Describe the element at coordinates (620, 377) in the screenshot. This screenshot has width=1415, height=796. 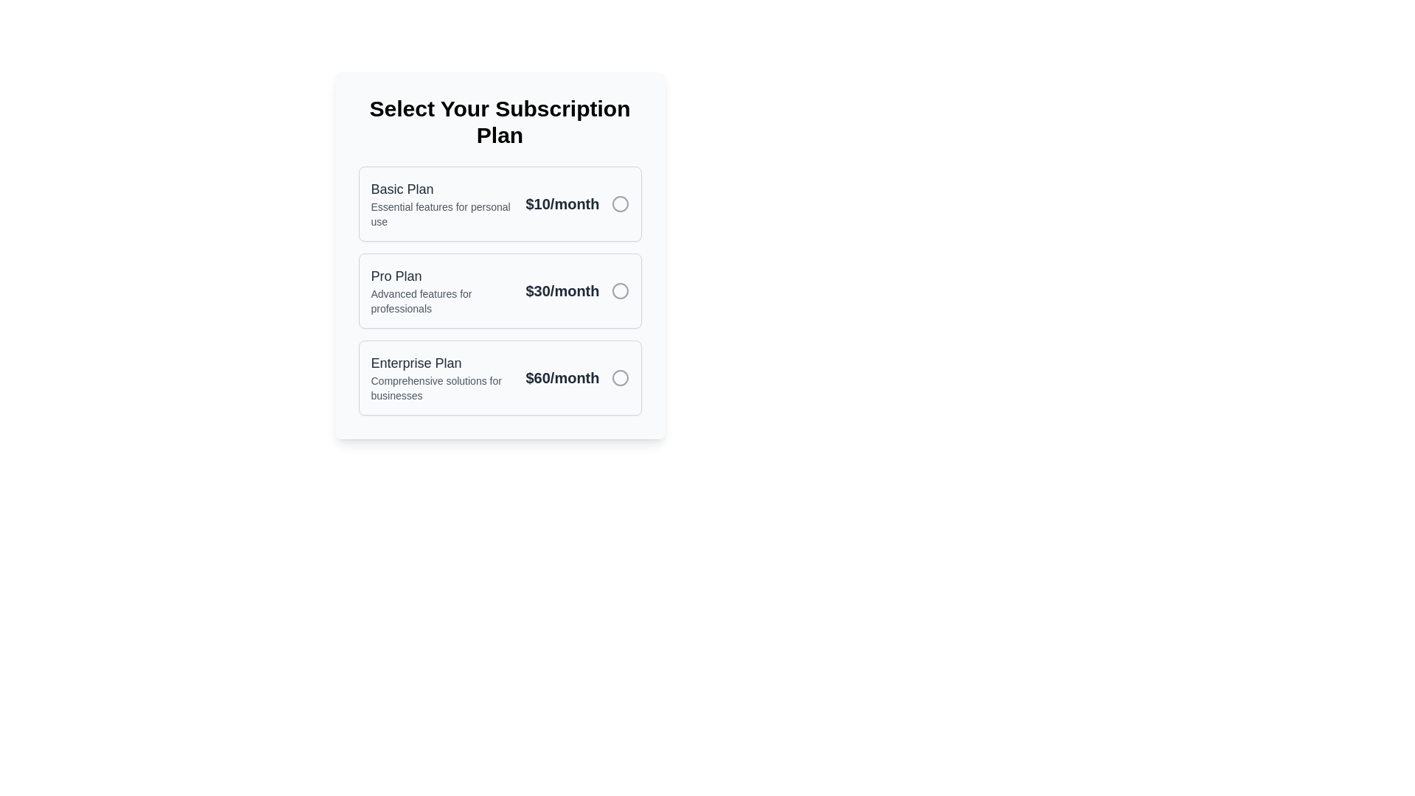
I see `the radio button` at that location.